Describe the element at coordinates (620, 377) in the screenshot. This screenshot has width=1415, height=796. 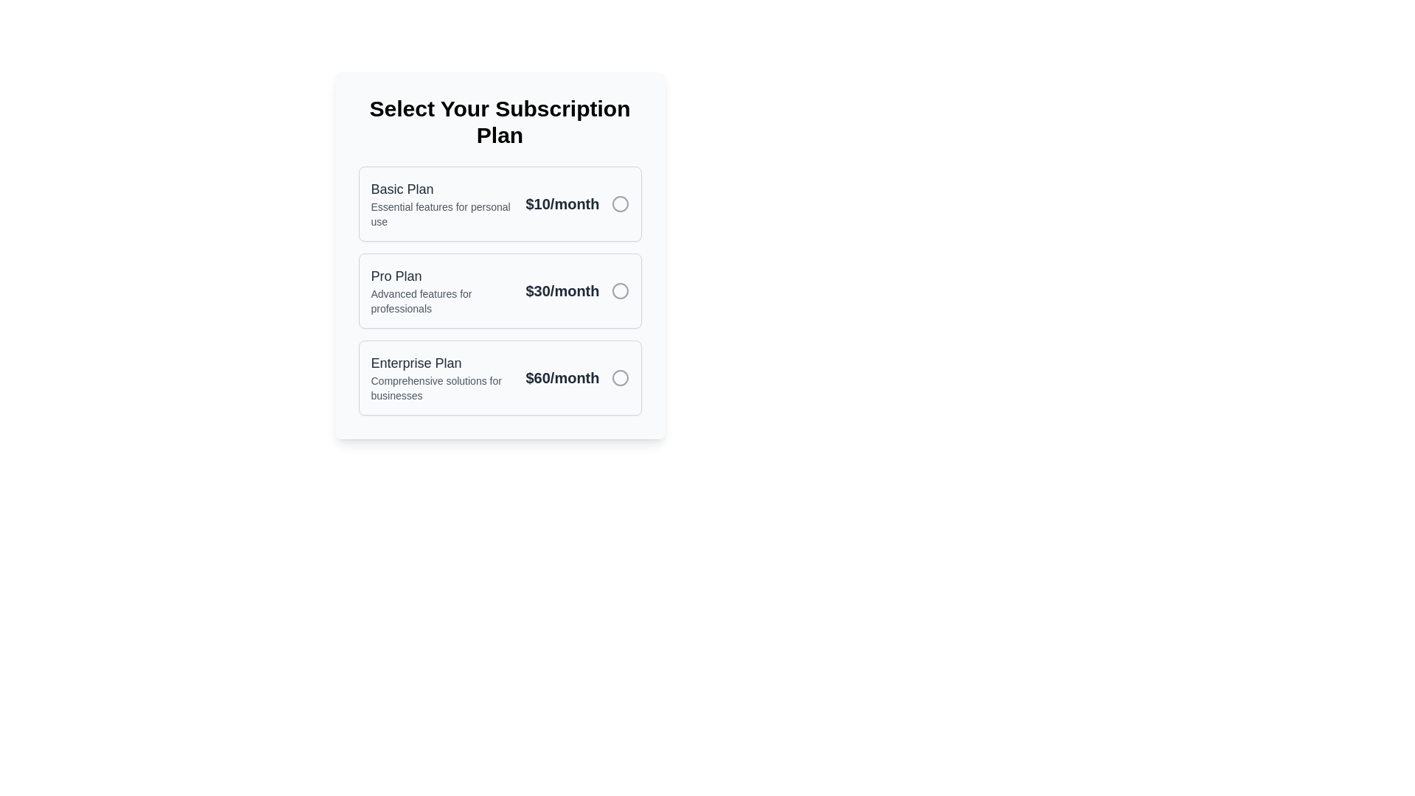
I see `the radio button` at that location.